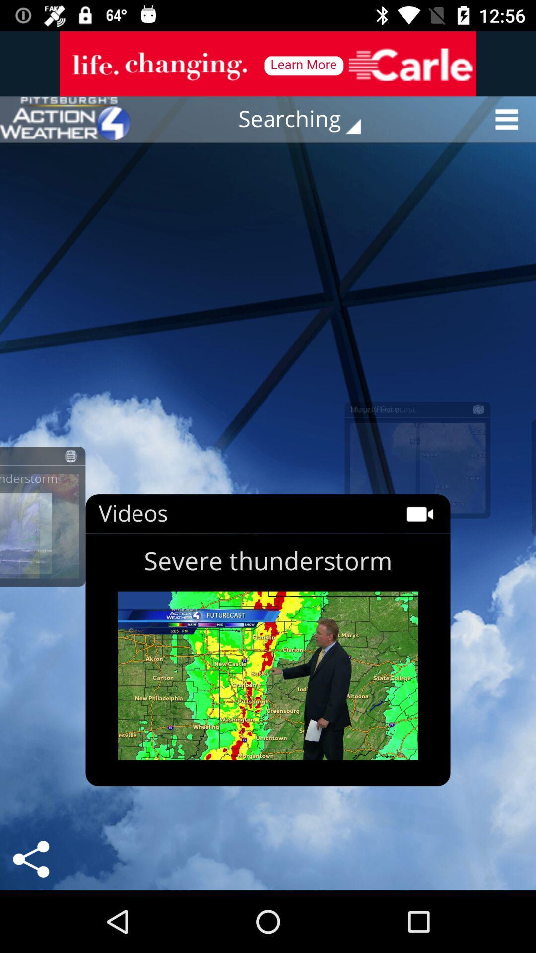  Describe the element at coordinates (30, 859) in the screenshot. I see `the share icon` at that location.